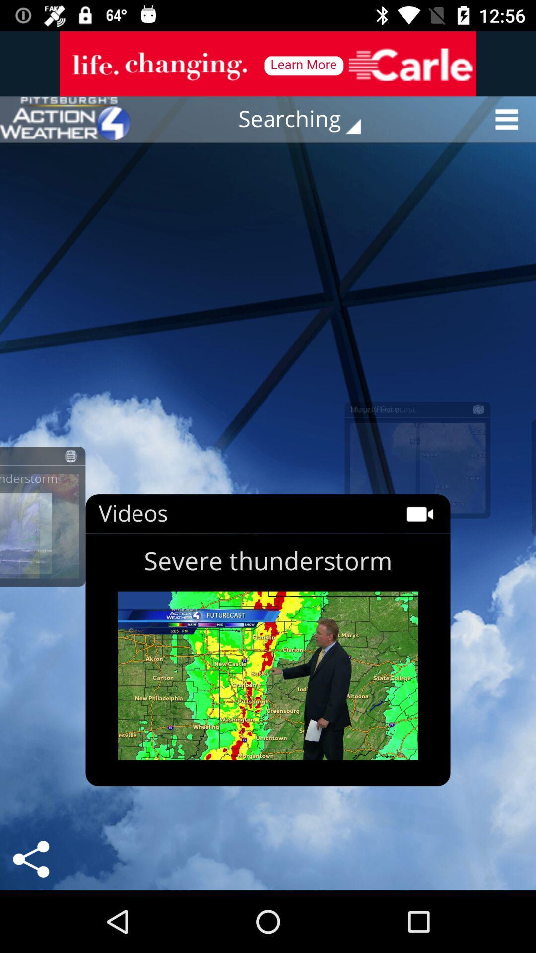  Describe the element at coordinates (30, 859) in the screenshot. I see `the share icon` at that location.